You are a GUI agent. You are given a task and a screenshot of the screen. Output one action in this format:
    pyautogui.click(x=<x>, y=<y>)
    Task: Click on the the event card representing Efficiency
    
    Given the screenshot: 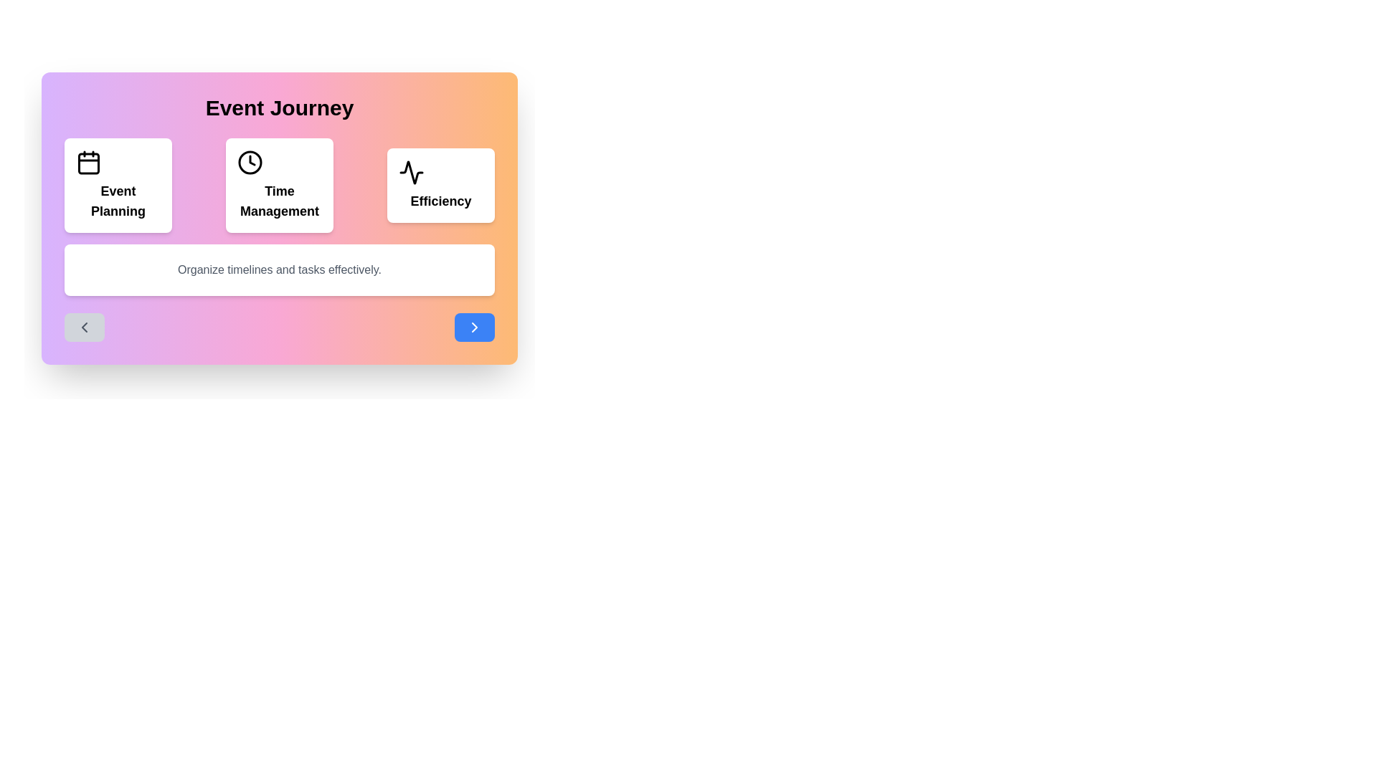 What is the action you would take?
    pyautogui.click(x=440, y=184)
    